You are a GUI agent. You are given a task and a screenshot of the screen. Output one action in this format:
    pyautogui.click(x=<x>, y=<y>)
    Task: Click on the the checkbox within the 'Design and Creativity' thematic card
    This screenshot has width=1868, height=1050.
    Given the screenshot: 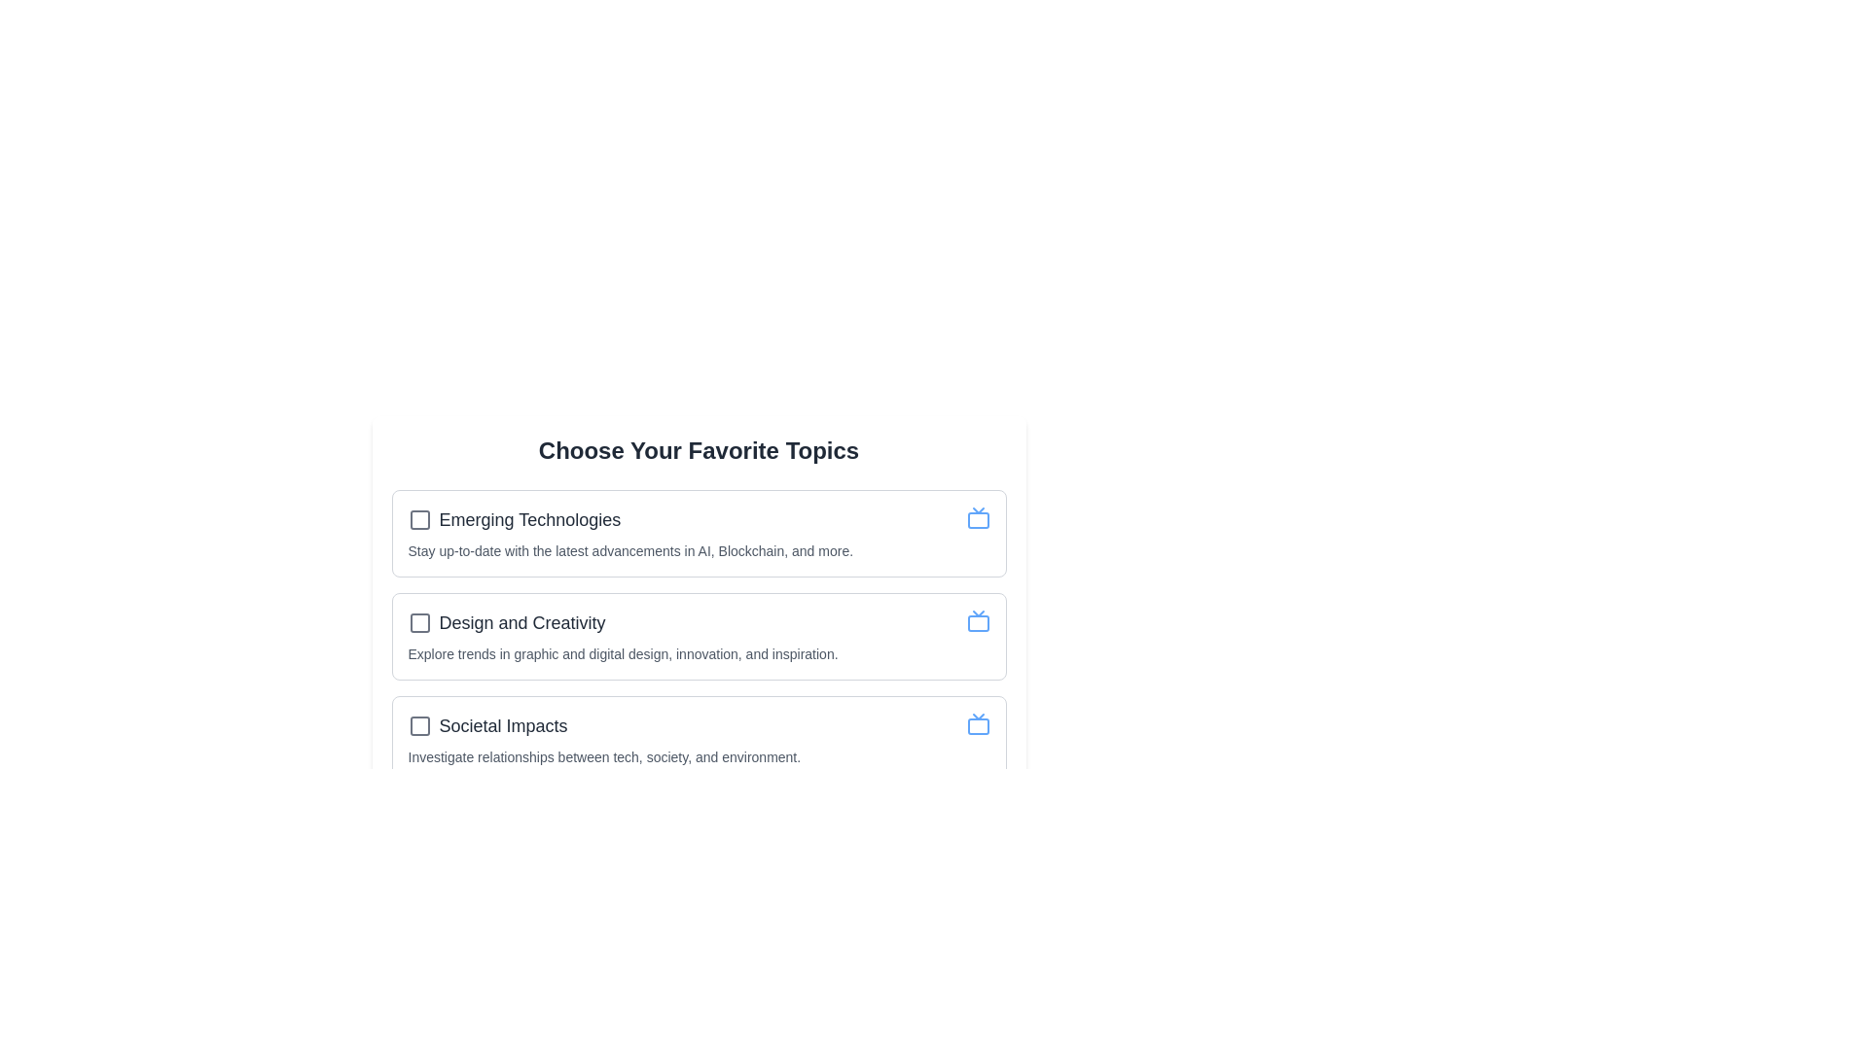 What is the action you would take?
    pyautogui.click(x=699, y=609)
    